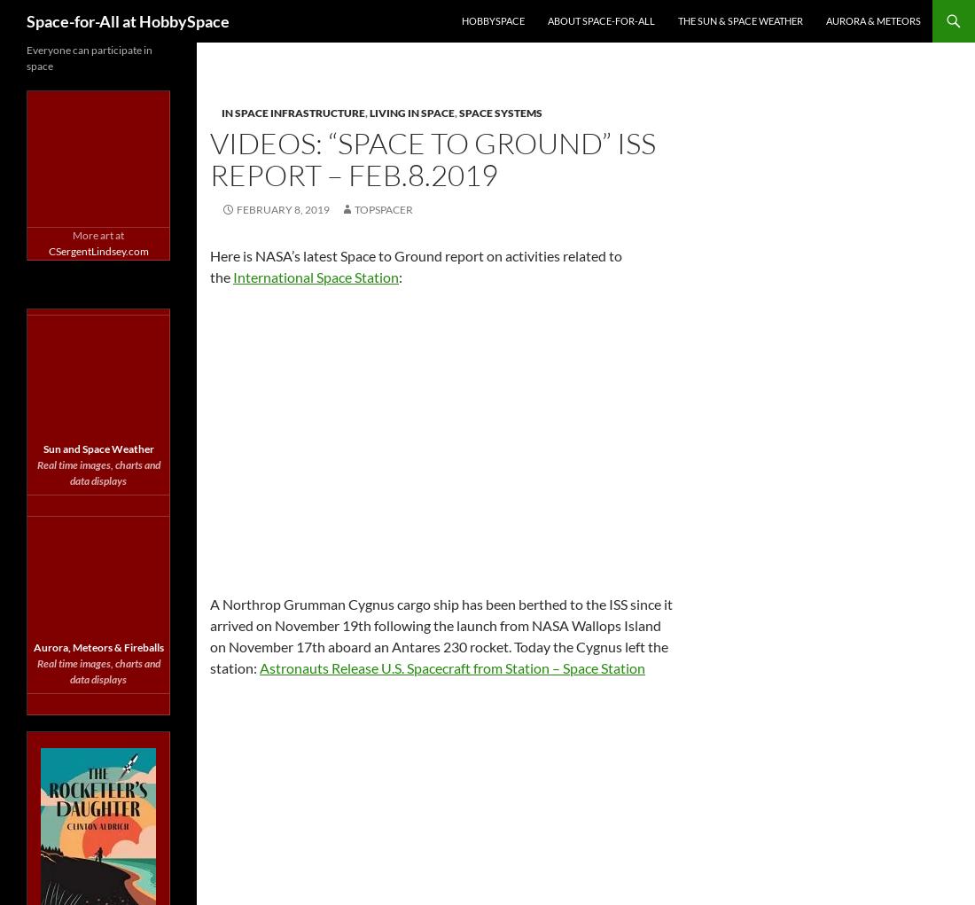 The image size is (975, 905). What do you see at coordinates (739, 20) in the screenshot?
I see `'The Sun & Space Weather'` at bounding box center [739, 20].